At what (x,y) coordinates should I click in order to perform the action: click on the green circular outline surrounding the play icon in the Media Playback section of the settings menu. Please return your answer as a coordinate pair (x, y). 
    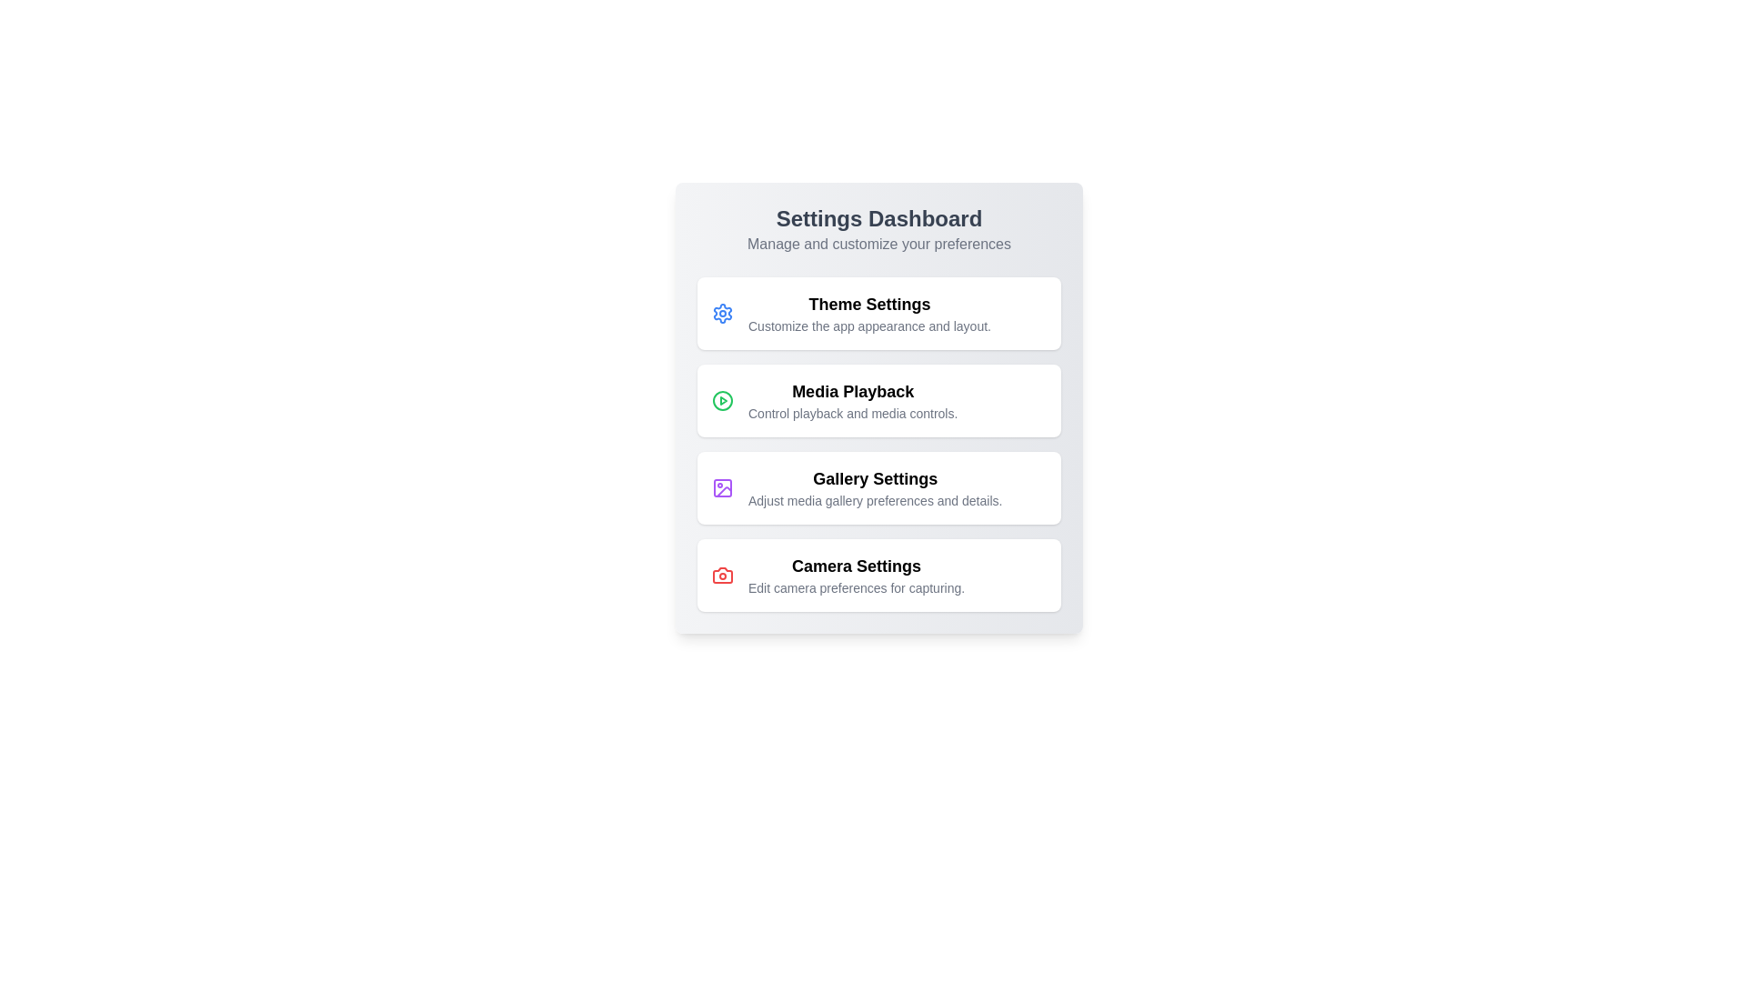
    Looking at the image, I should click on (722, 399).